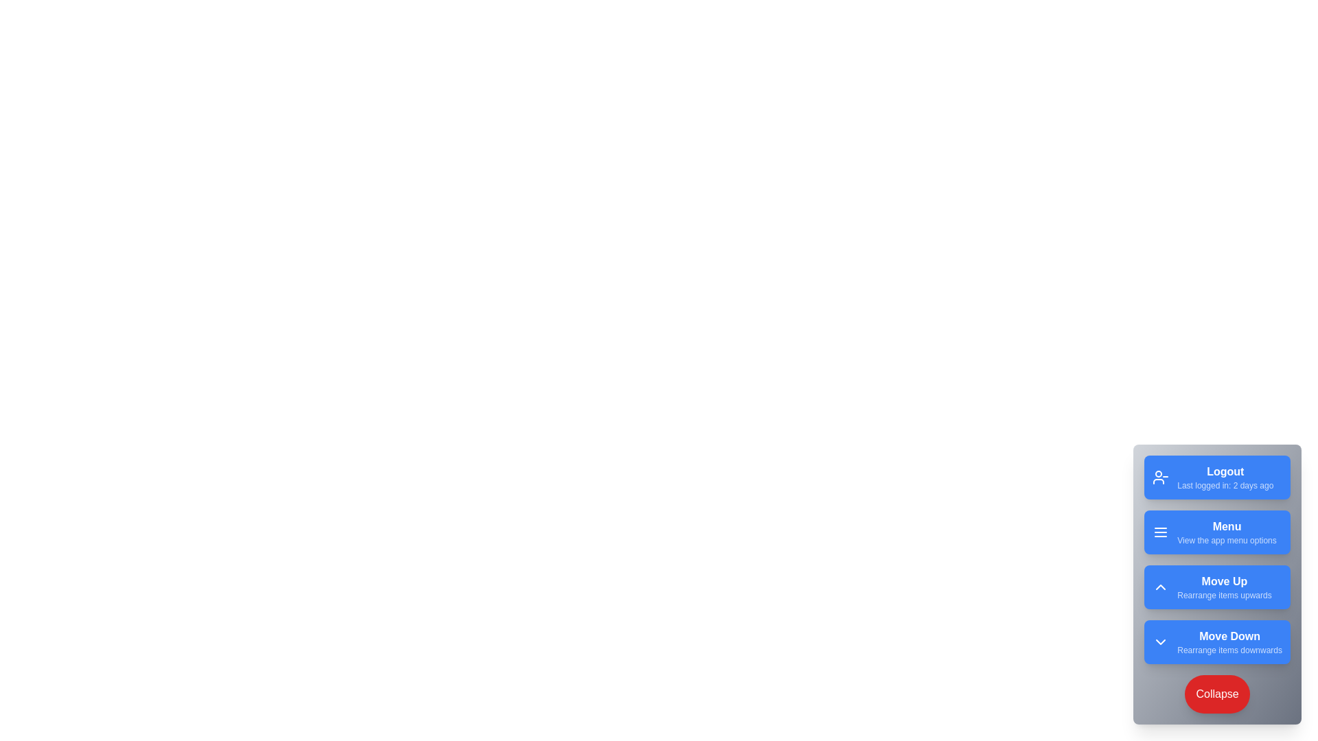 The height and width of the screenshot is (741, 1318). What do you see at coordinates (1227, 539) in the screenshot?
I see `the text label stating 'View the app menu options', styled with a light blue font on a medium blue background, positioned beneath the 'Menu' element` at bounding box center [1227, 539].